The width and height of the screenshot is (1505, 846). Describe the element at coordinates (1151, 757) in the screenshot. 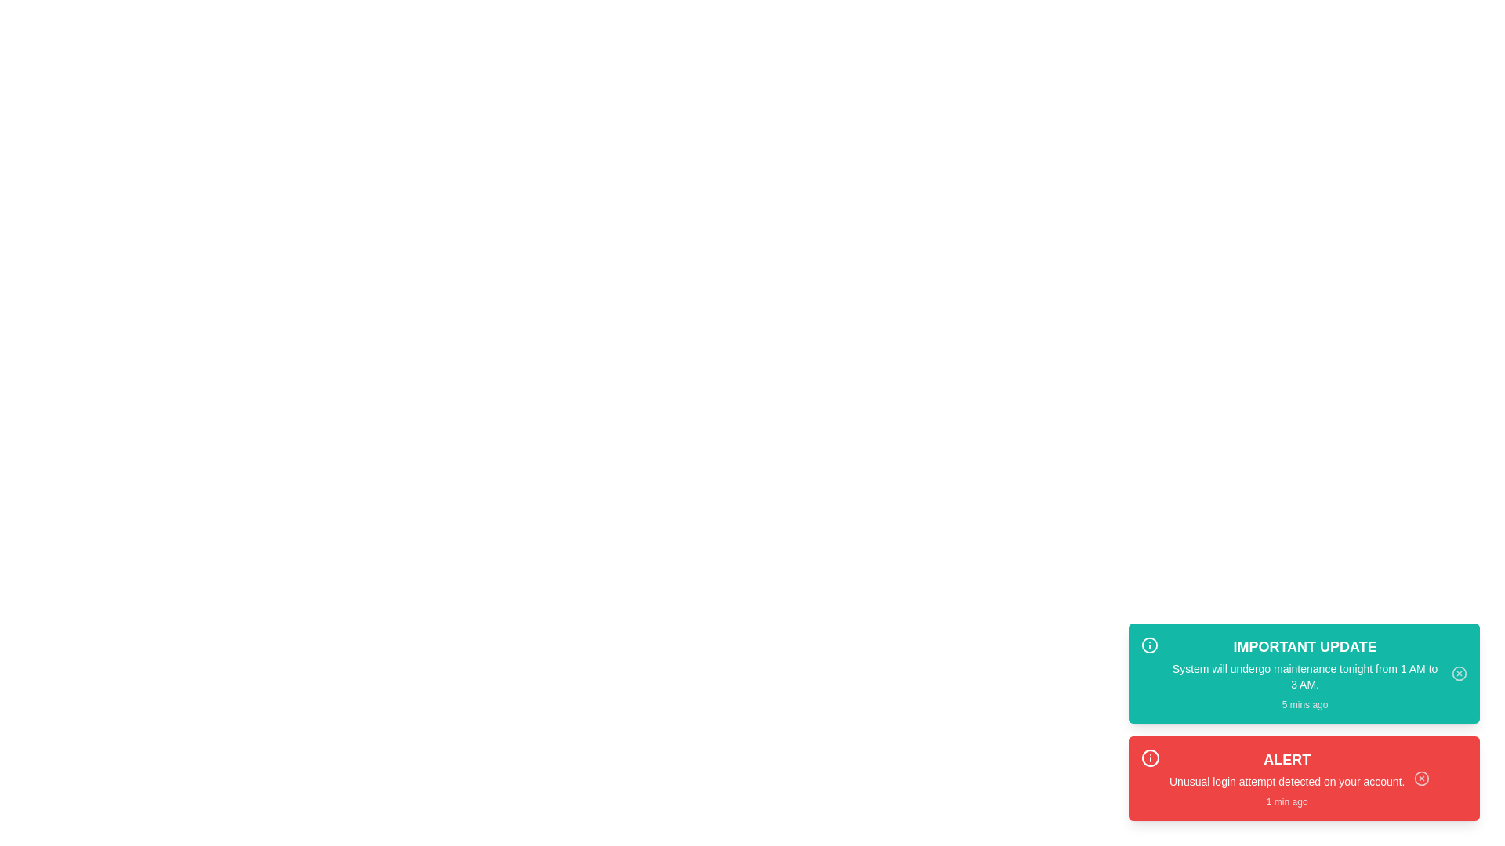

I see `the icon for security` at that location.